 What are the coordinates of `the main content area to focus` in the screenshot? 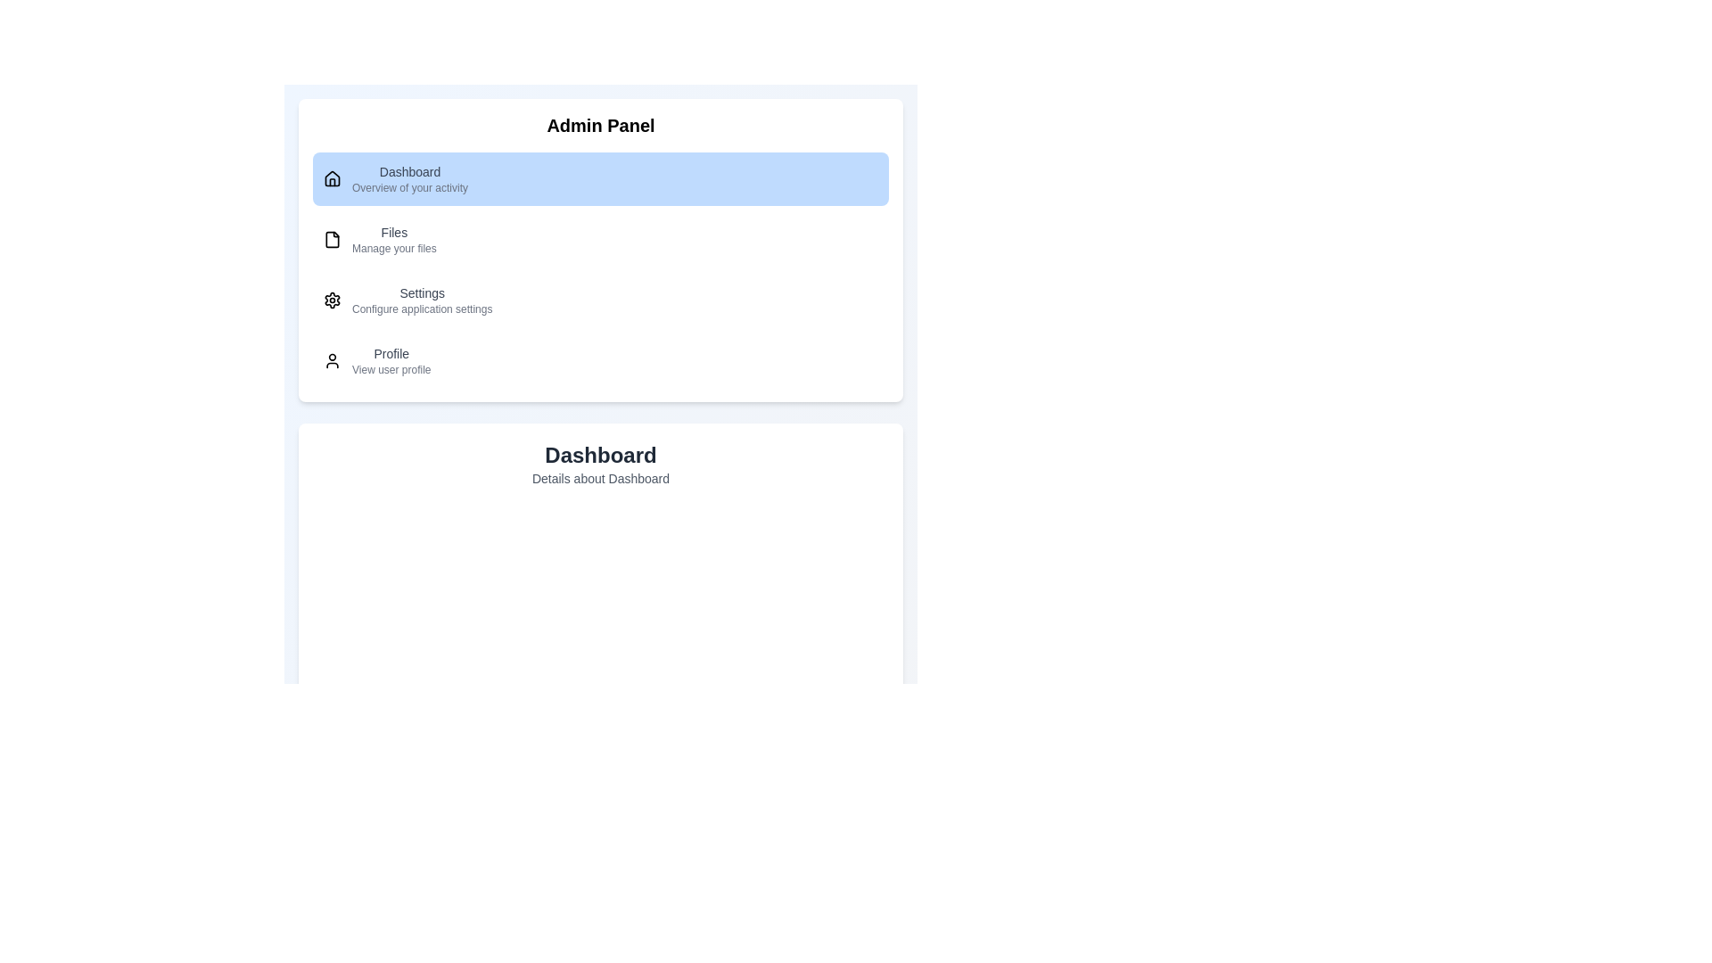 It's located at (600, 728).